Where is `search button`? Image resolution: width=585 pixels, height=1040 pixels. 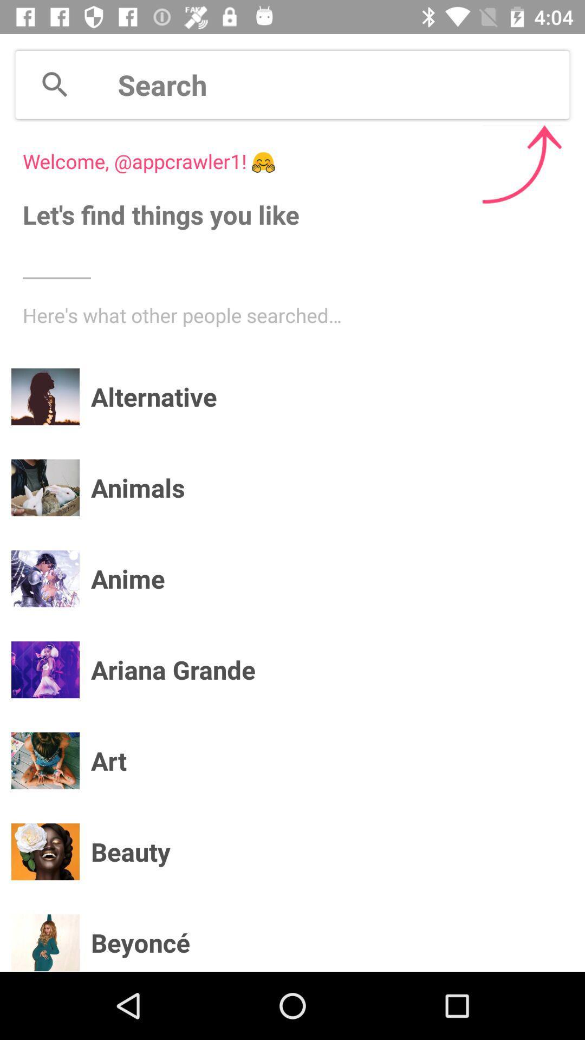 search button is located at coordinates (55, 84).